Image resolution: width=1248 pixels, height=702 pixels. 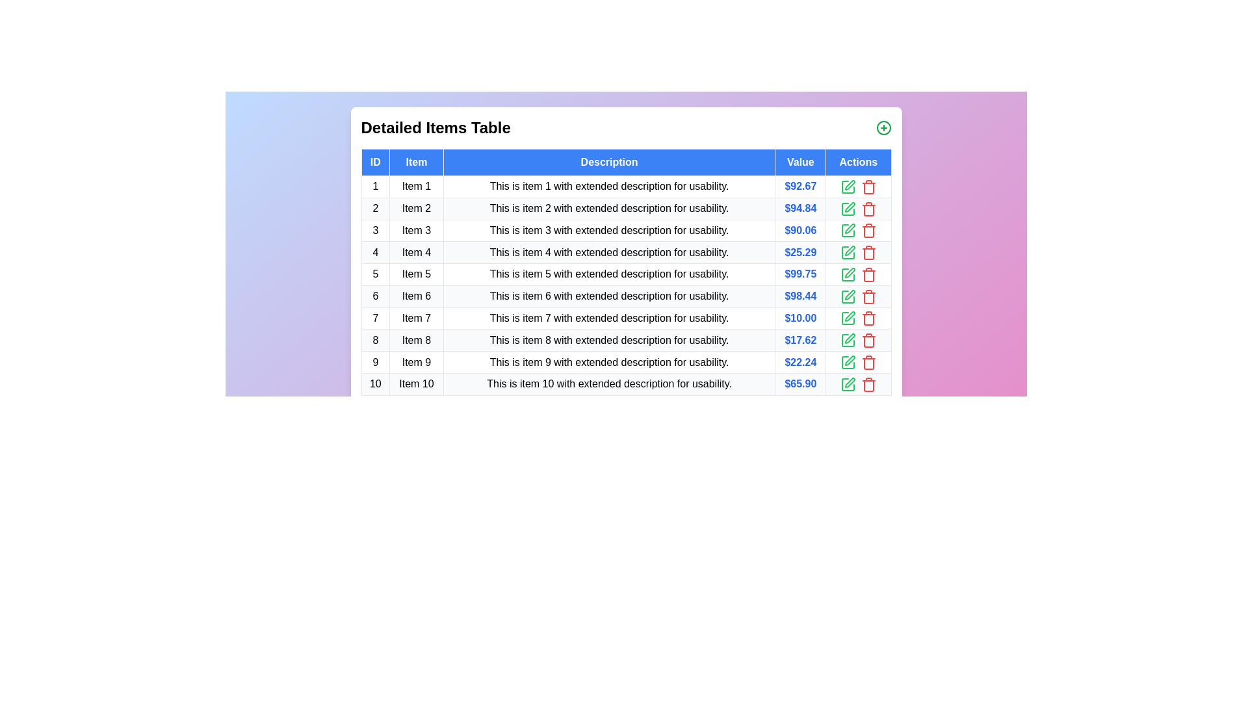 I want to click on the column header Actions to sort the table by the respective column, so click(x=858, y=162).